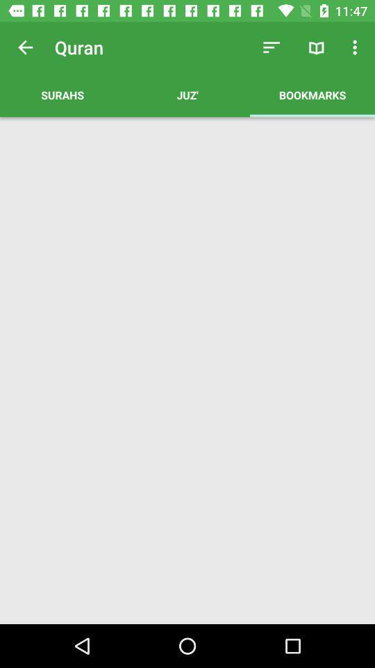 The image size is (375, 668). Describe the element at coordinates (62, 94) in the screenshot. I see `surahs` at that location.